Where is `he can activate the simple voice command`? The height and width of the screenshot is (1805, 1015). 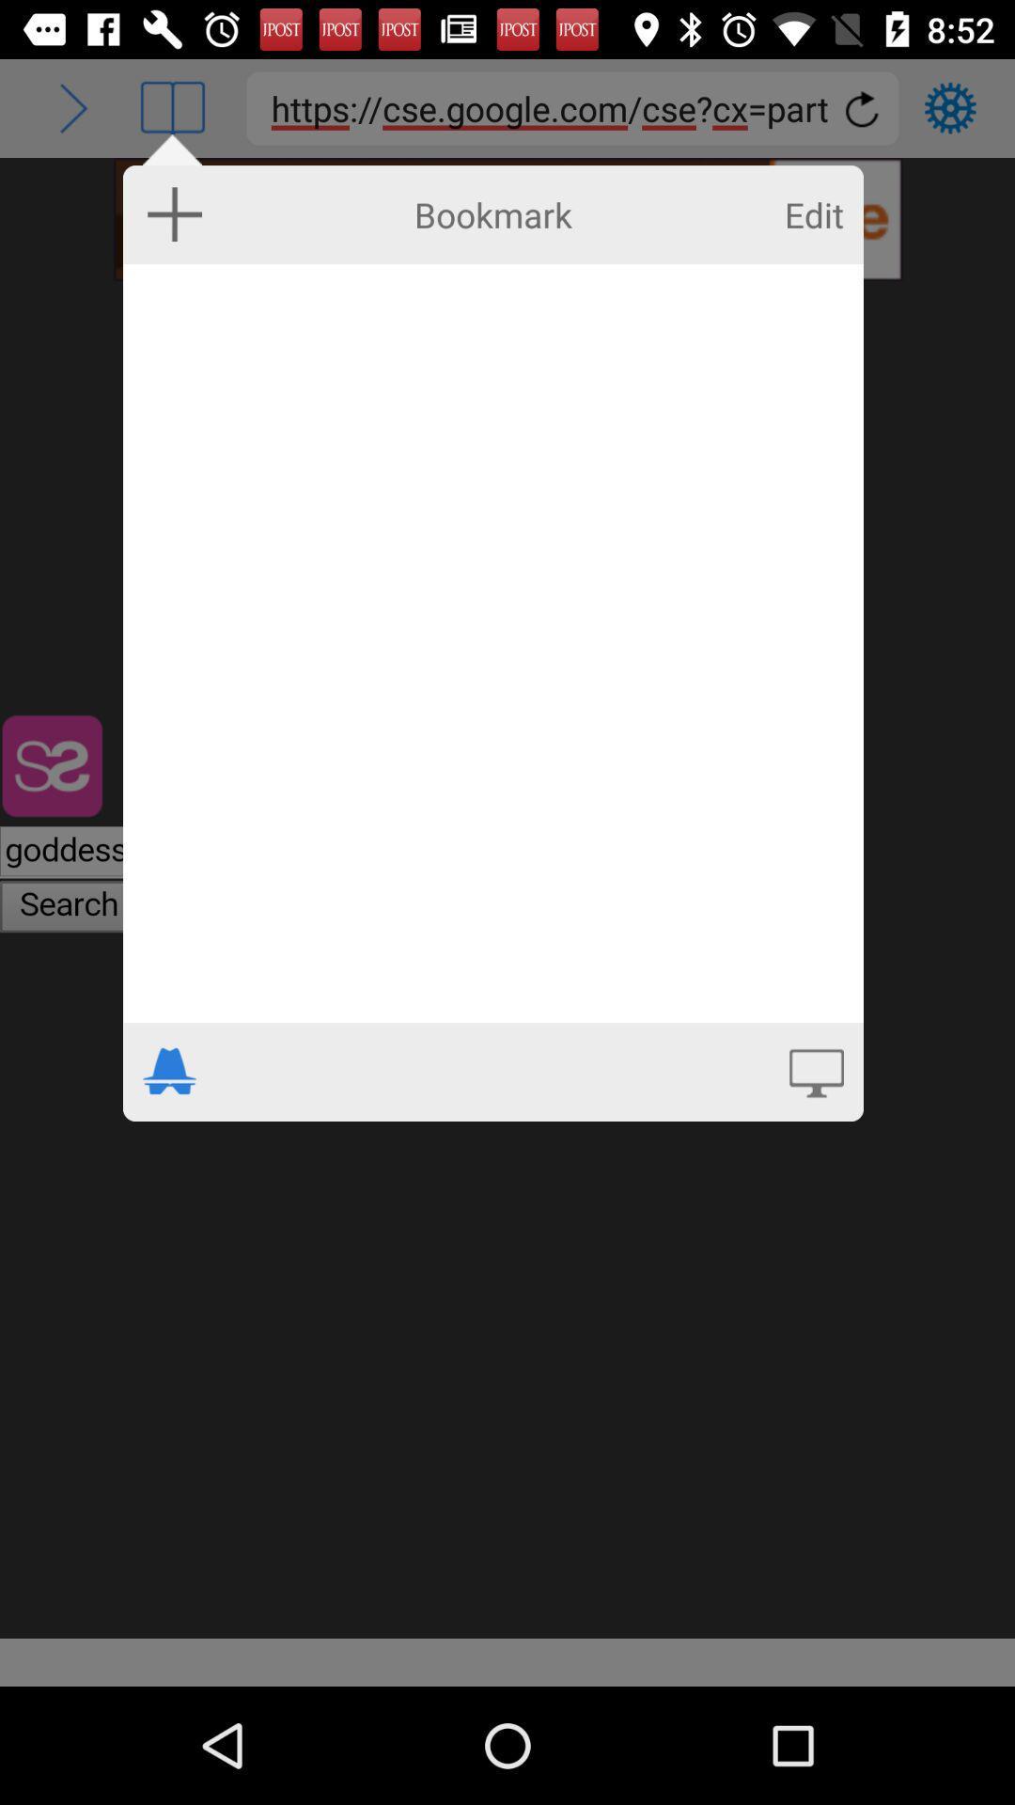
he can activate the simple voice command is located at coordinates (815, 1071).